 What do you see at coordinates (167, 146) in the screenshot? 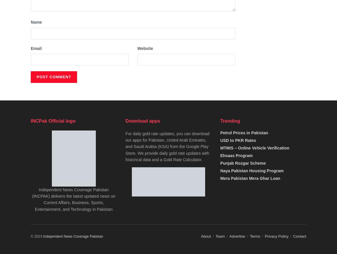
I see `'For daily gold rate updates, you can download our apps for Pakistan, United Arab Emirates, and Saudi Arabia (KSA) from the Google Play Store. We provide daily gold rate updates with historical data and a Gold Rate Calculator.'` at bounding box center [167, 146].